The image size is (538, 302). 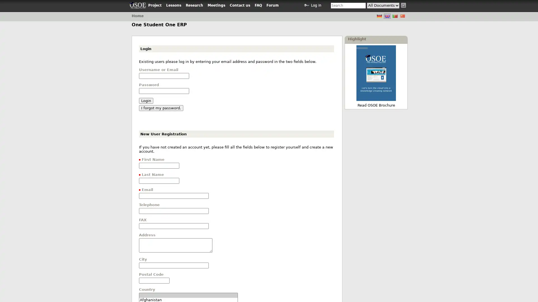 What do you see at coordinates (403, 5) in the screenshot?
I see `Submit` at bounding box center [403, 5].